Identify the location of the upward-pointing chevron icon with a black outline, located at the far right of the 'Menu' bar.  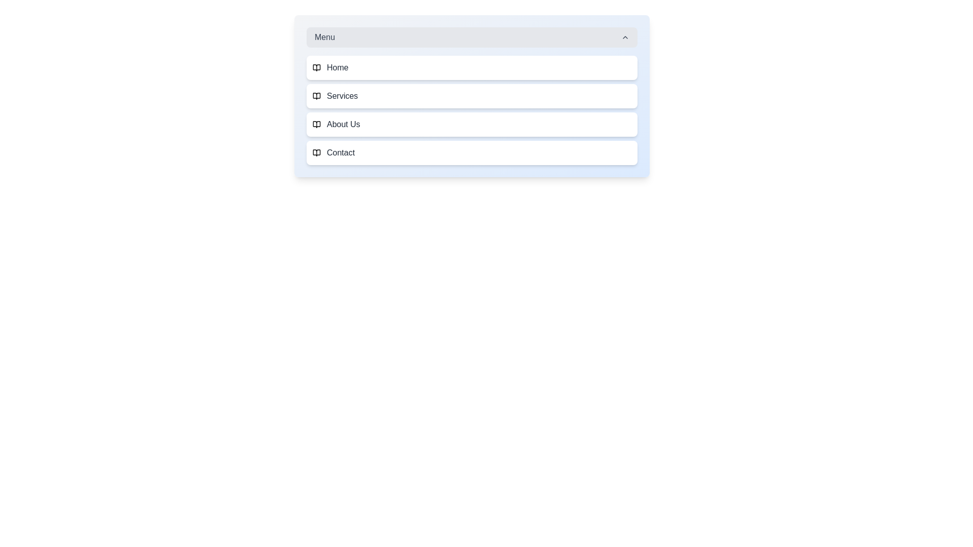
(624, 36).